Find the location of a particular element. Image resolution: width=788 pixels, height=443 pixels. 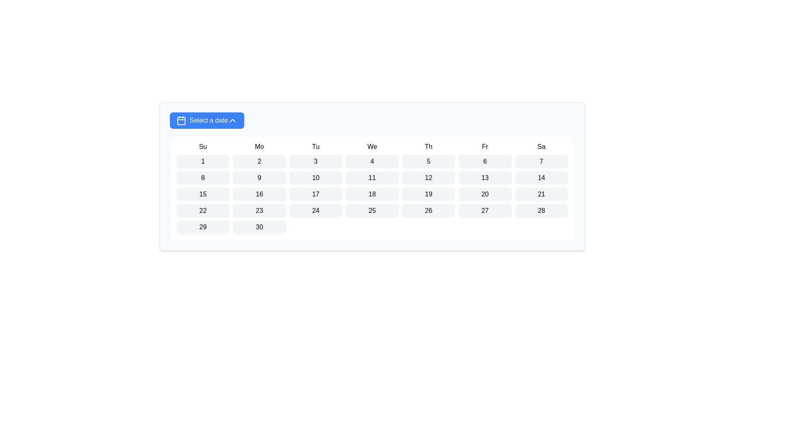

the button labeled '29' located in the bottom row and first column of the calendar grid under 'Su' (Sunday) is located at coordinates (203, 227).